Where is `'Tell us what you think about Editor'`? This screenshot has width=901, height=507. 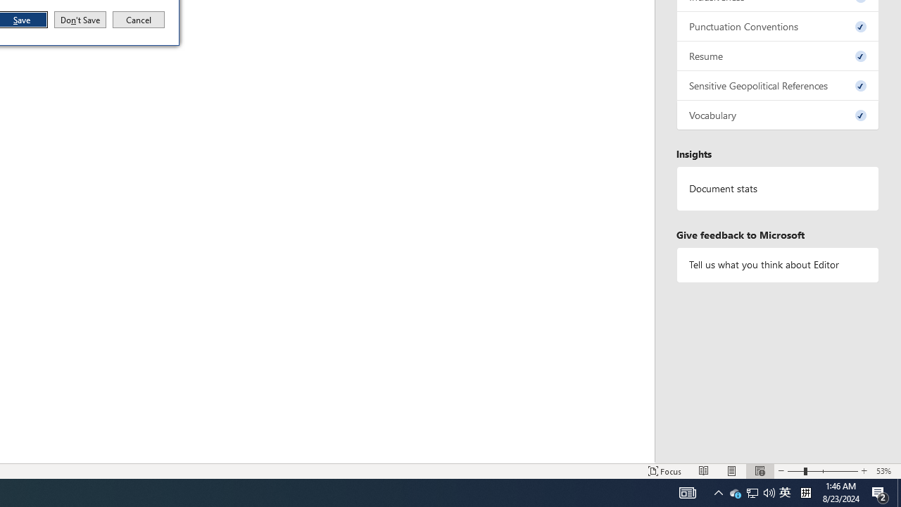 'Tell us what you think about Editor' is located at coordinates (777, 265).